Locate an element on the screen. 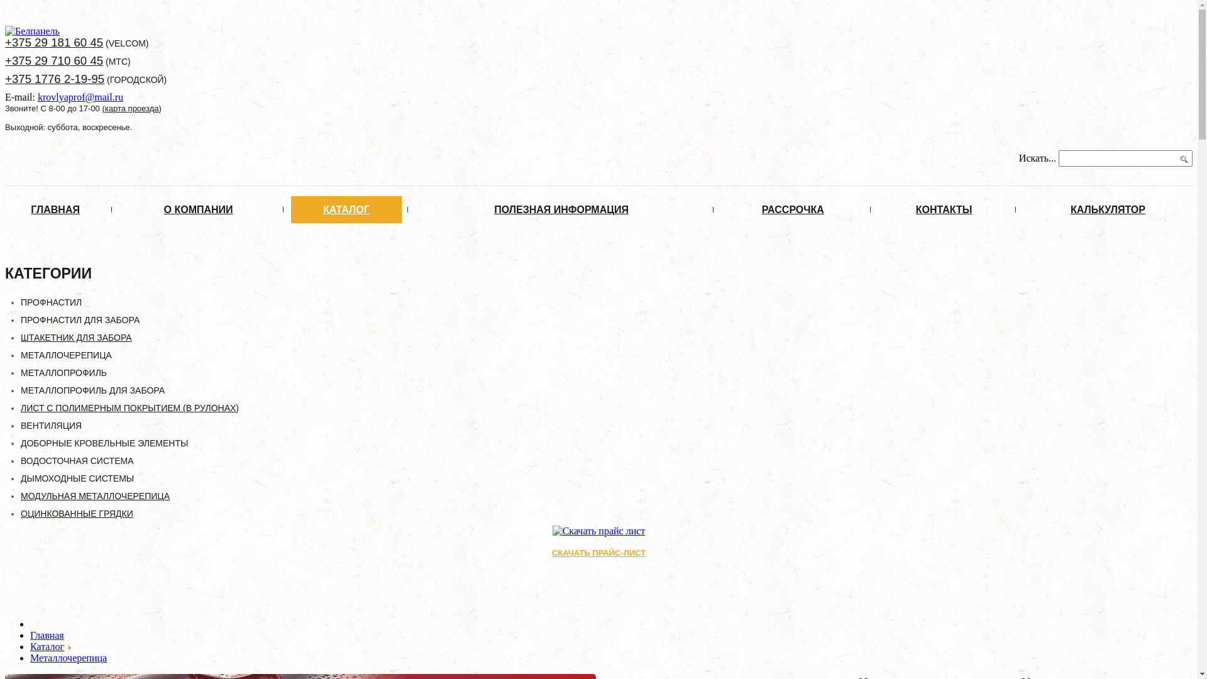 The height and width of the screenshot is (679, 1207). 'krovlyaprof@mail.ru' is located at coordinates (80, 96).